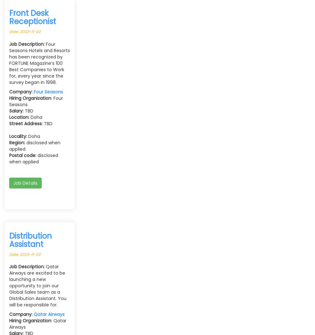  I want to click on 'Location:', so click(9, 117).